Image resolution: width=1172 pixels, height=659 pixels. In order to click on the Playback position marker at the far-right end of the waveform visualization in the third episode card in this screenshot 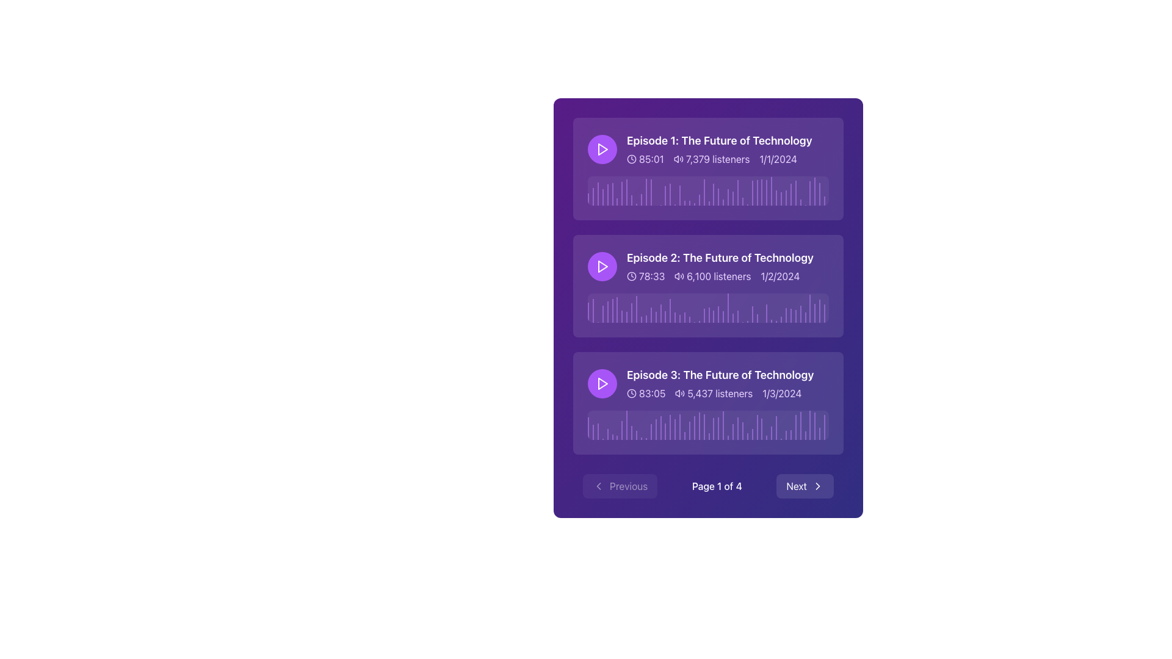, I will do `click(810, 425)`.